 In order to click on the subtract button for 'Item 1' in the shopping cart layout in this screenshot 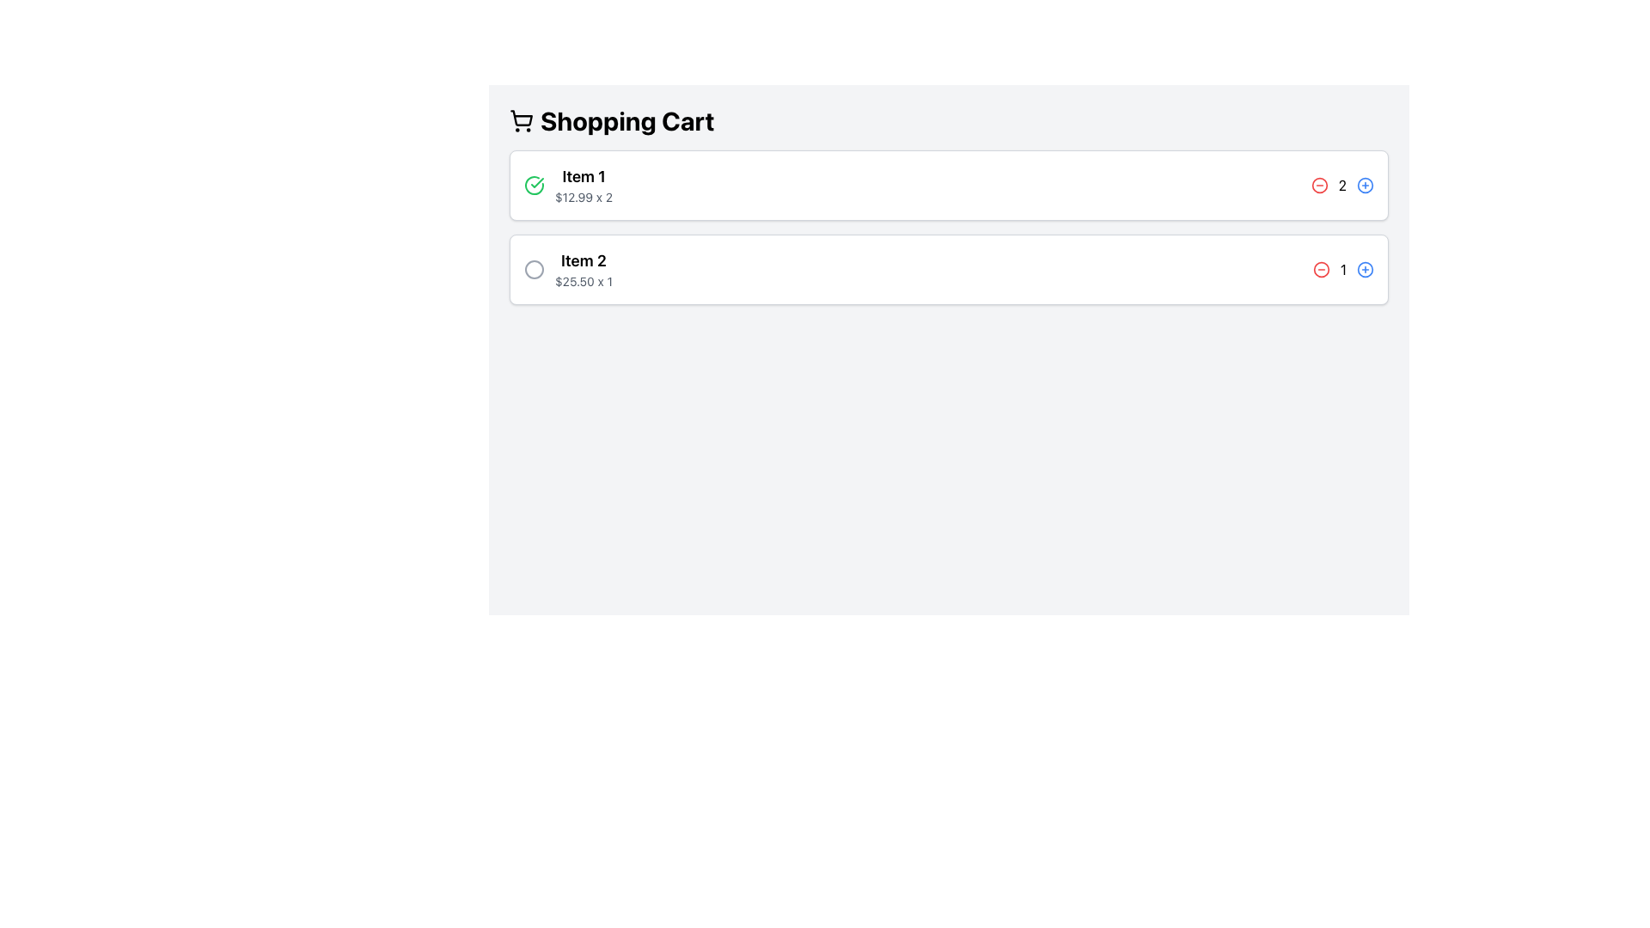, I will do `click(1318, 186)`.